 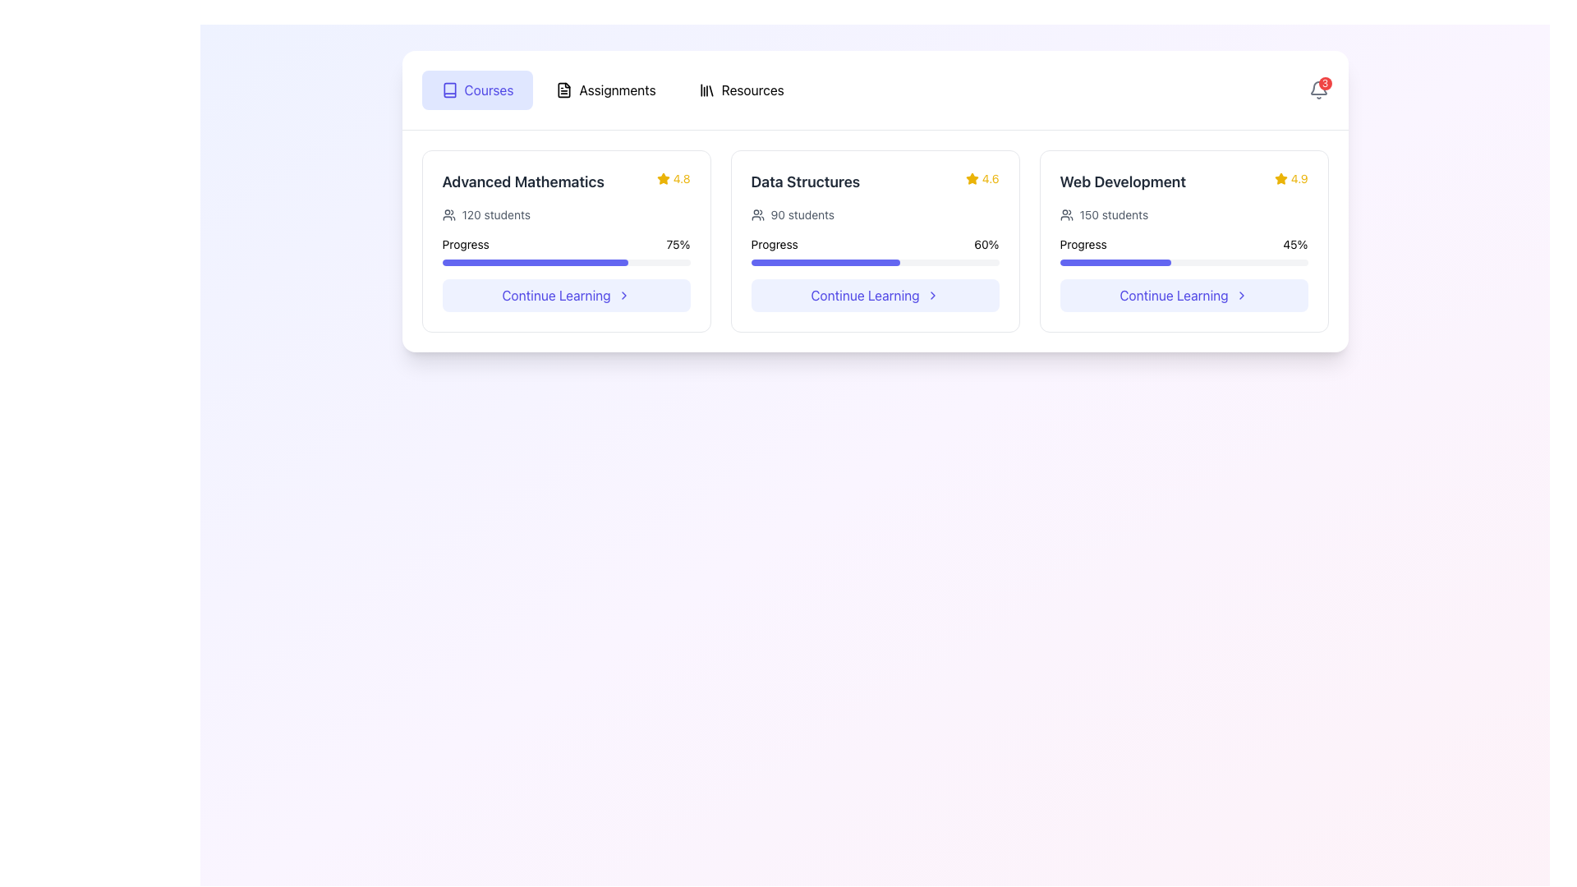 What do you see at coordinates (564, 90) in the screenshot?
I see `the folder-like icon in the navigation bar` at bounding box center [564, 90].